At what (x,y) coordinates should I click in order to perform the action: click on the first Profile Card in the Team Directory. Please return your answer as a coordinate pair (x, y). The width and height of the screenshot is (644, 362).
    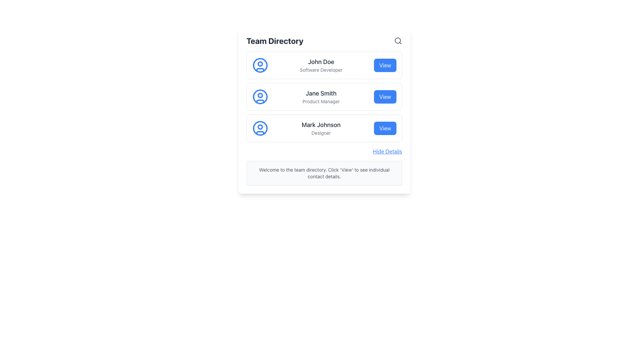
    Looking at the image, I should click on (324, 65).